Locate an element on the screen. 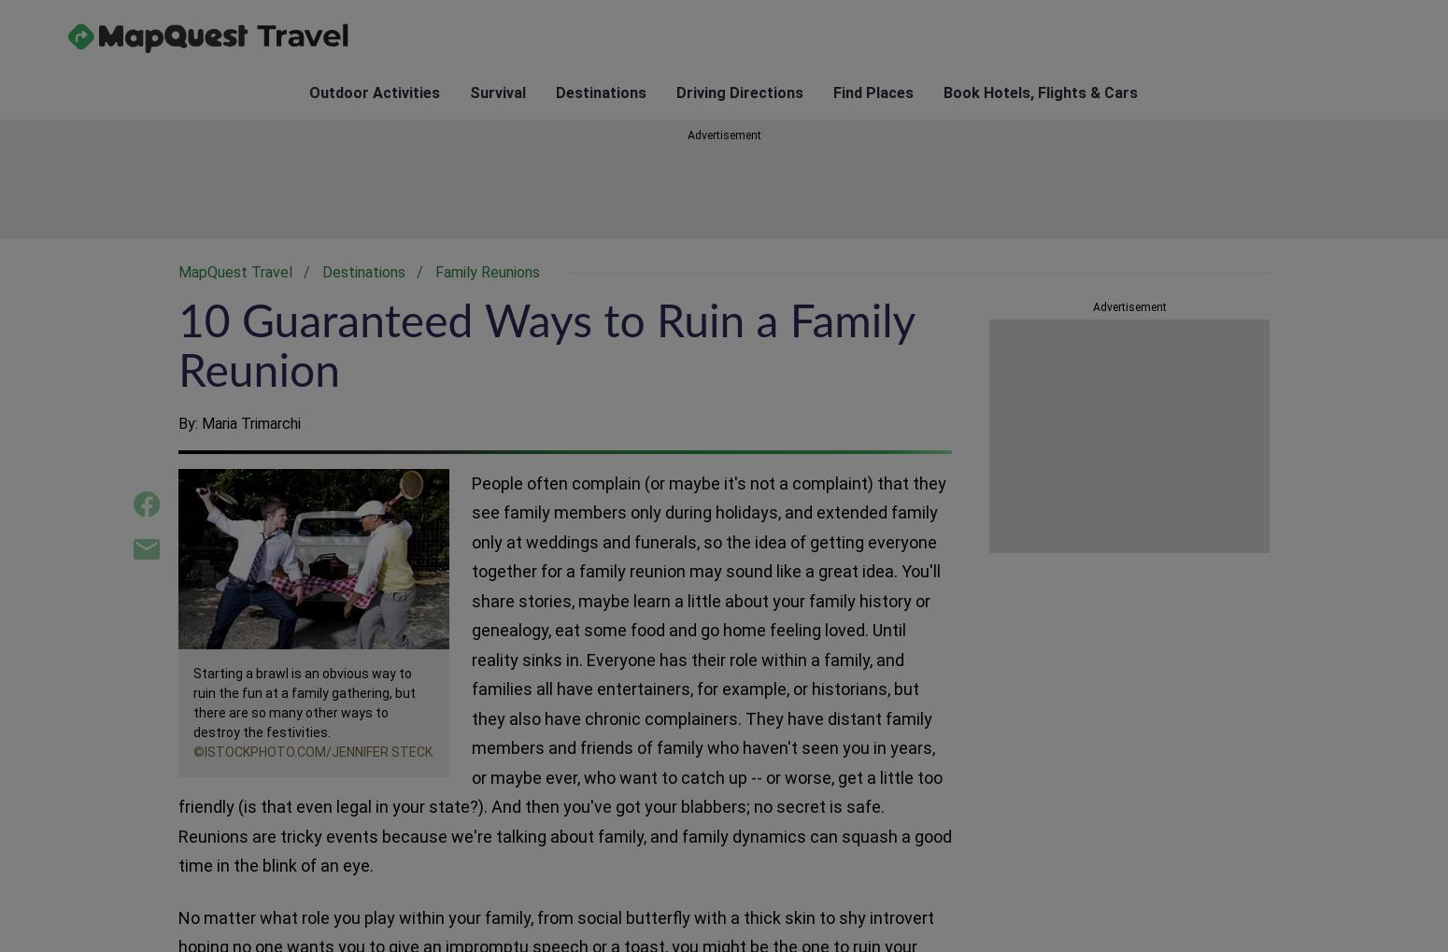 The height and width of the screenshot is (952, 1448). 'By:' is located at coordinates (189, 422).